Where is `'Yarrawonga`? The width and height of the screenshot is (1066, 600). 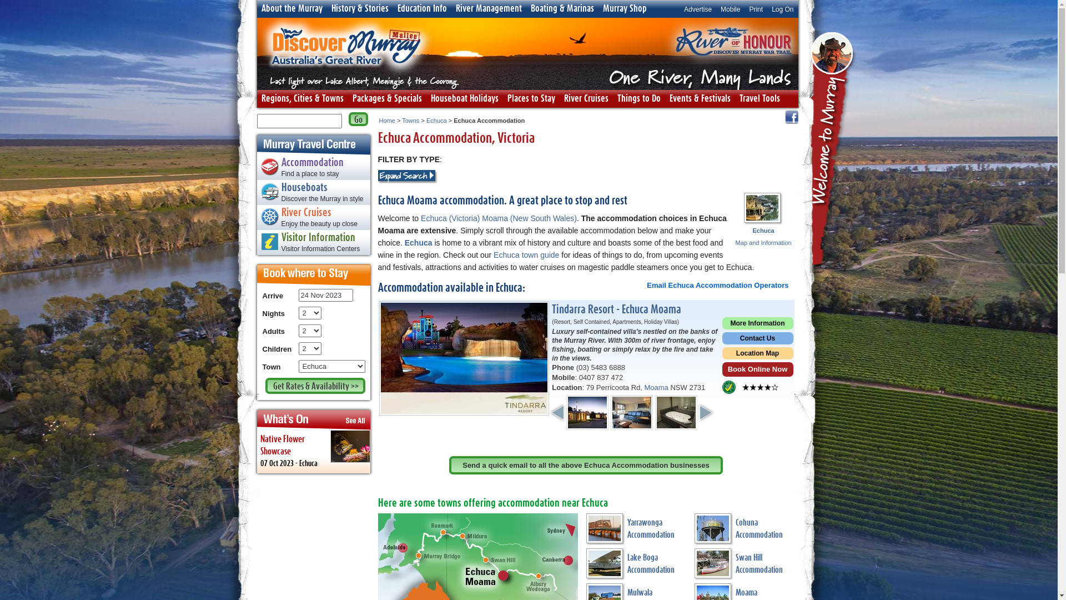
'Yarrawonga is located at coordinates (586, 530).